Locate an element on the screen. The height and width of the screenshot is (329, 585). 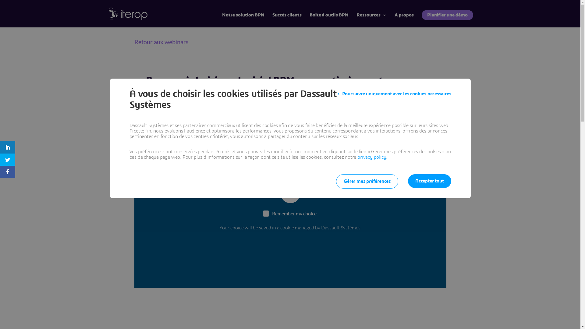
'privacy policy' is located at coordinates (371, 157).